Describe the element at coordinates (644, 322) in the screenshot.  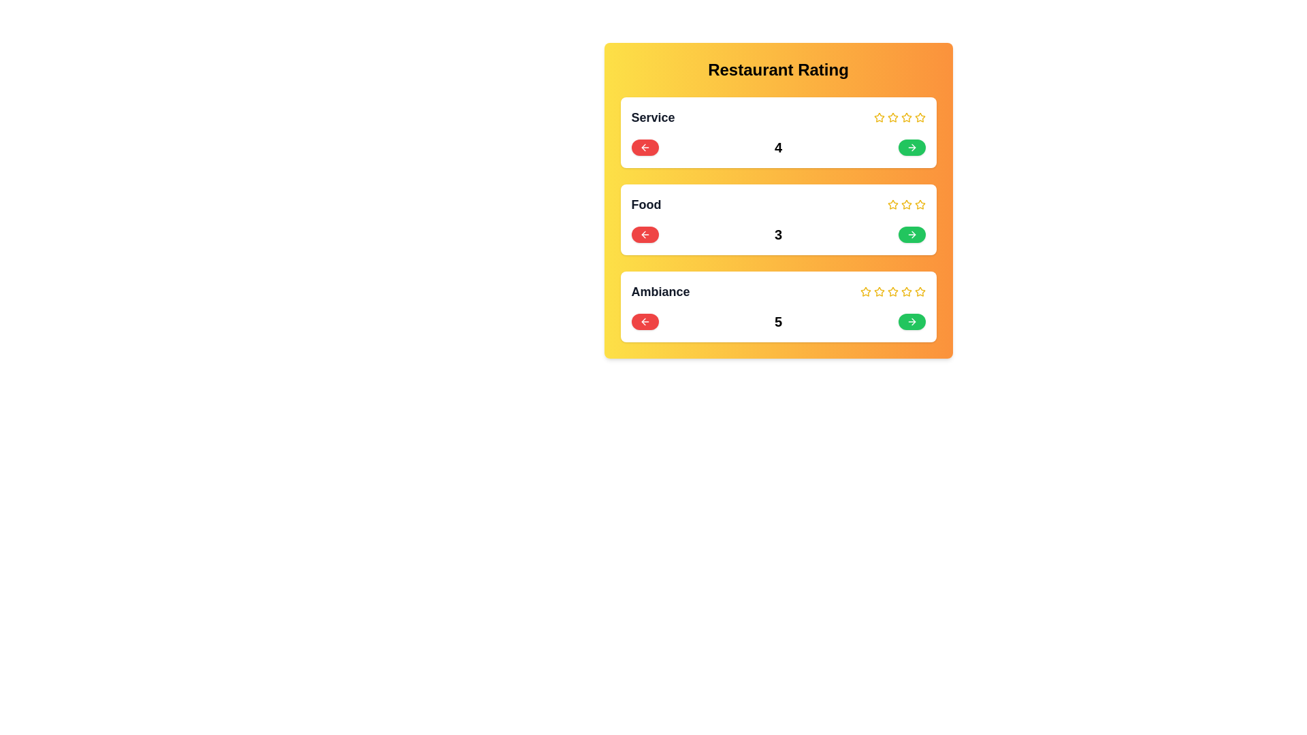
I see `the red circular button with a white leftward arrow located under the header 'Ambiance' to interact with it` at that location.